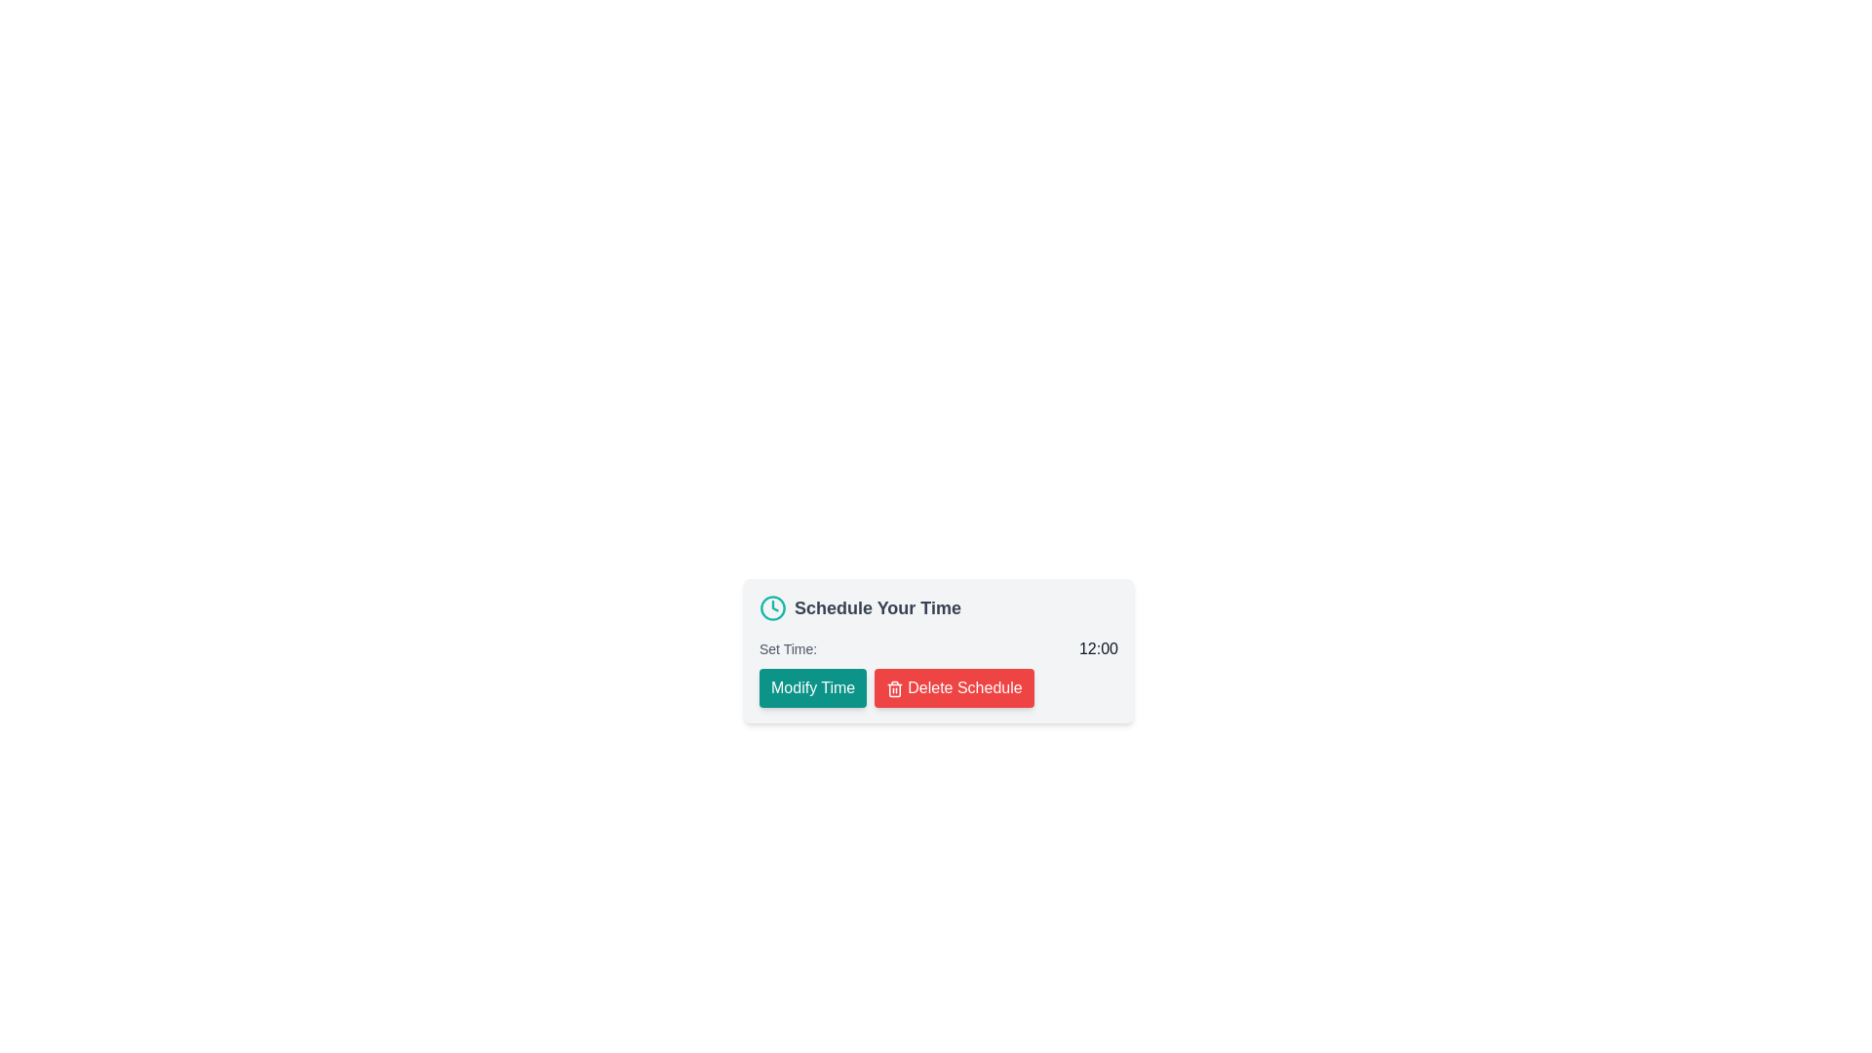  What do you see at coordinates (774, 604) in the screenshot?
I see `the minute hand represented by the polygonal icon within the SVG of the clock graphic` at bounding box center [774, 604].